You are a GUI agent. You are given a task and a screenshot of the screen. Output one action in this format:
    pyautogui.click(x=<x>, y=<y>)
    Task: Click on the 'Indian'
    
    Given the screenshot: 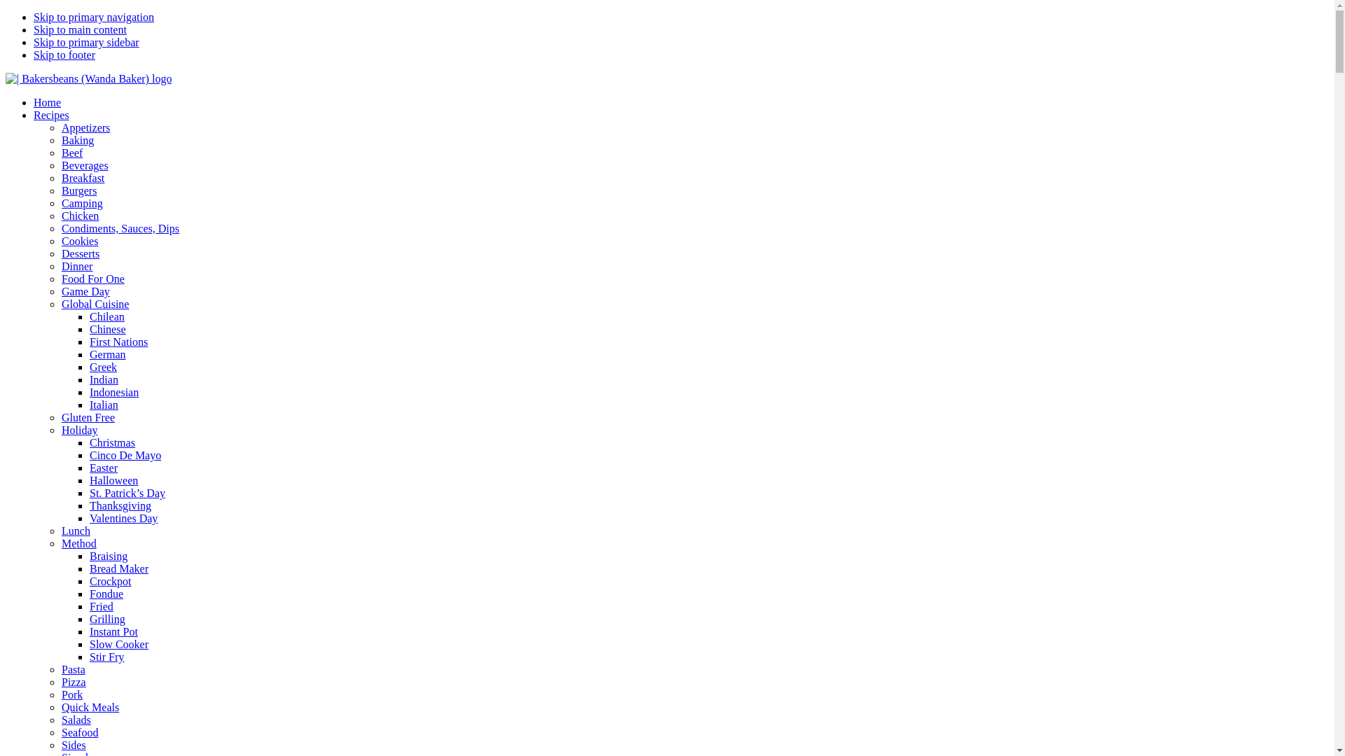 What is the action you would take?
    pyautogui.click(x=103, y=379)
    